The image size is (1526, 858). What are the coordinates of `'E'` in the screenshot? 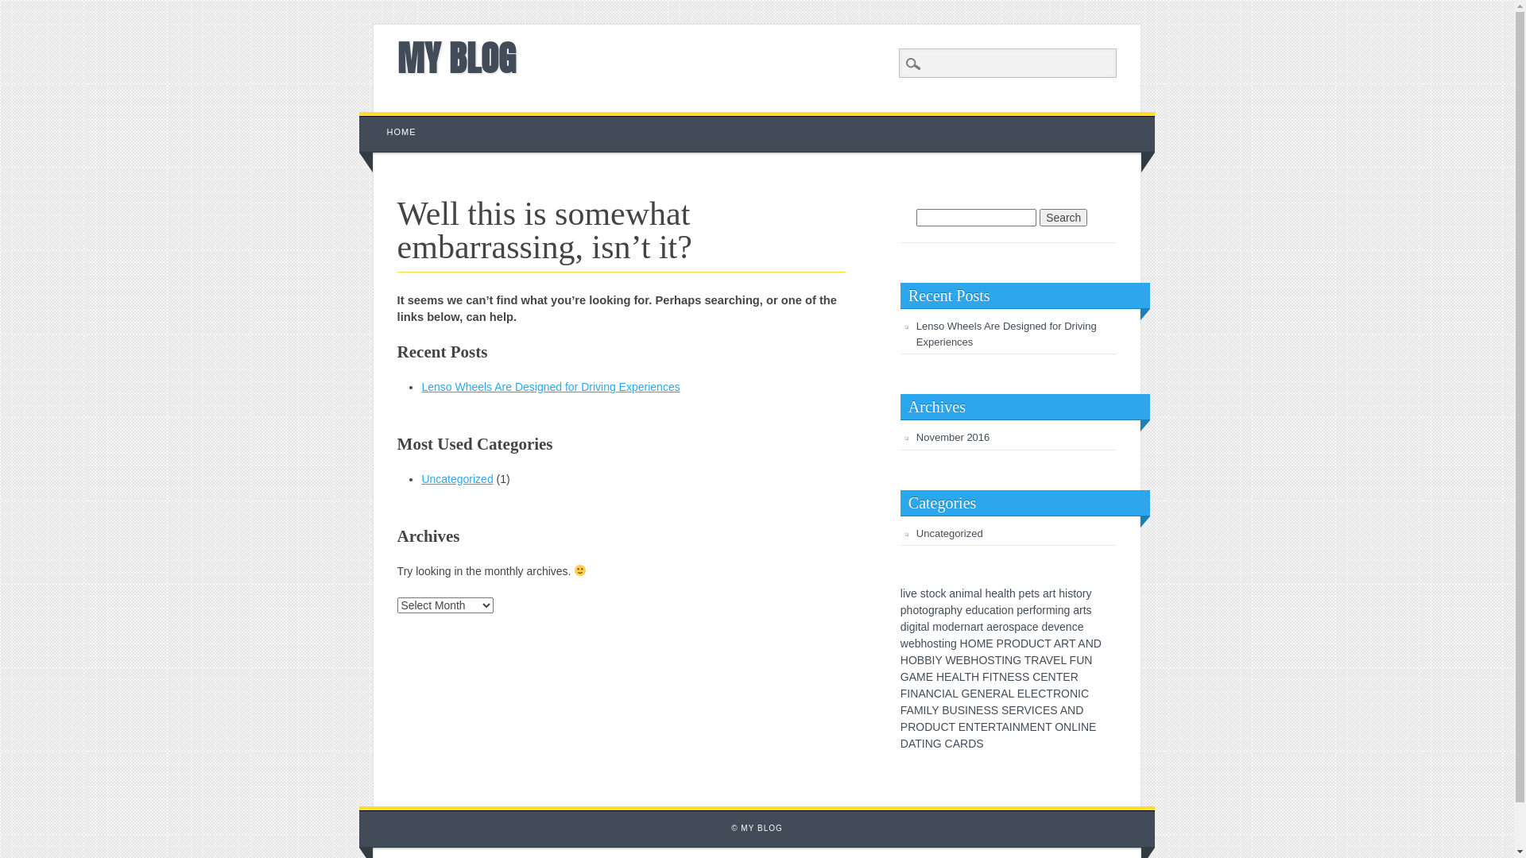 It's located at (1066, 677).